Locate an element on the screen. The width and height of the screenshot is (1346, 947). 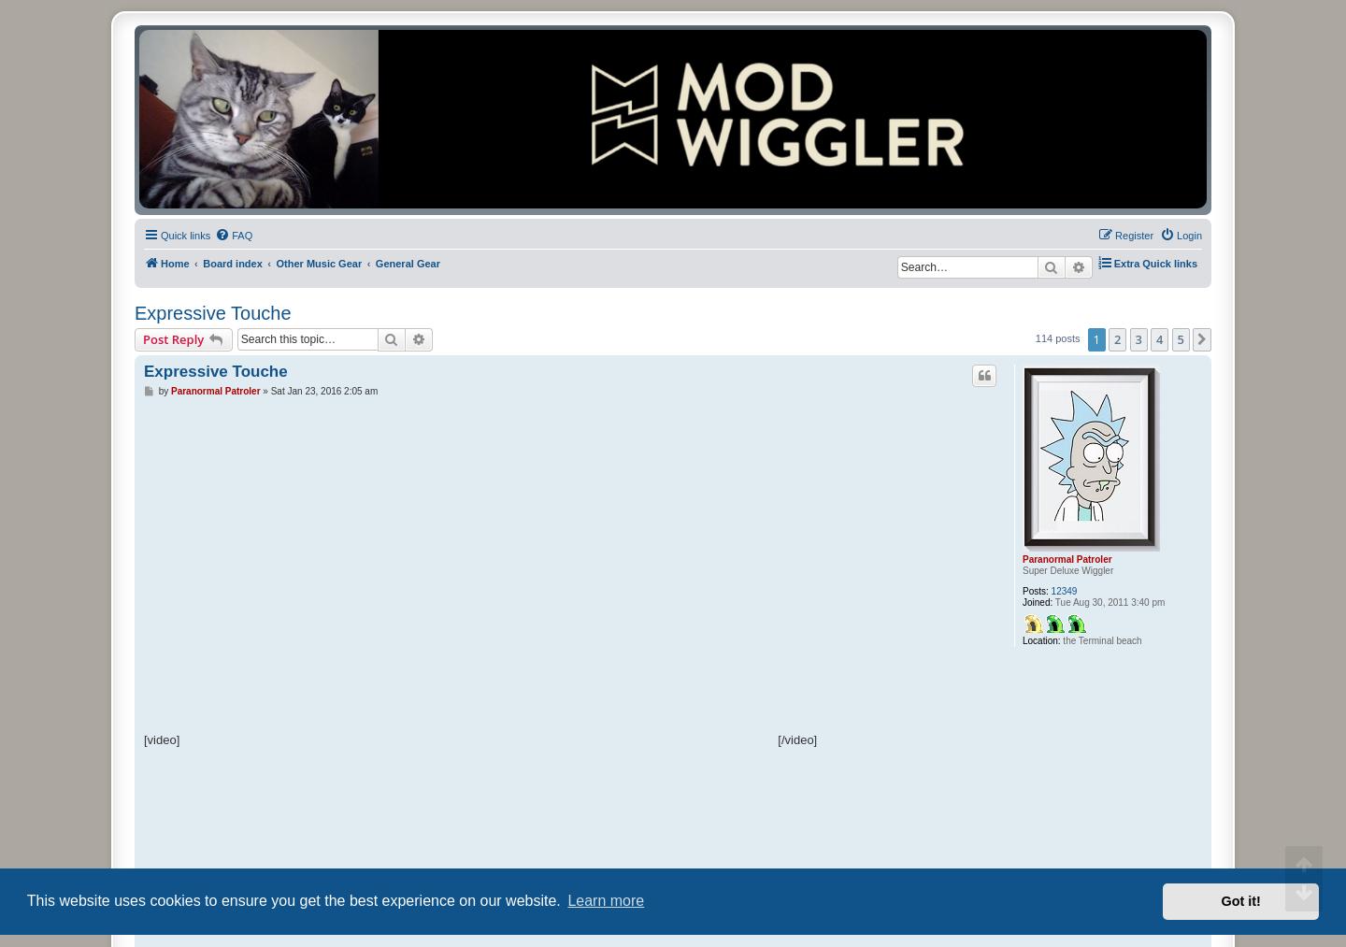
'Posts:' is located at coordinates (1034, 589).